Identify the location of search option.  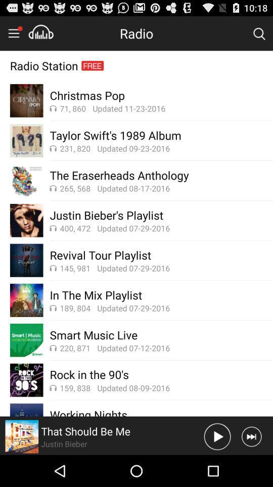
(259, 33).